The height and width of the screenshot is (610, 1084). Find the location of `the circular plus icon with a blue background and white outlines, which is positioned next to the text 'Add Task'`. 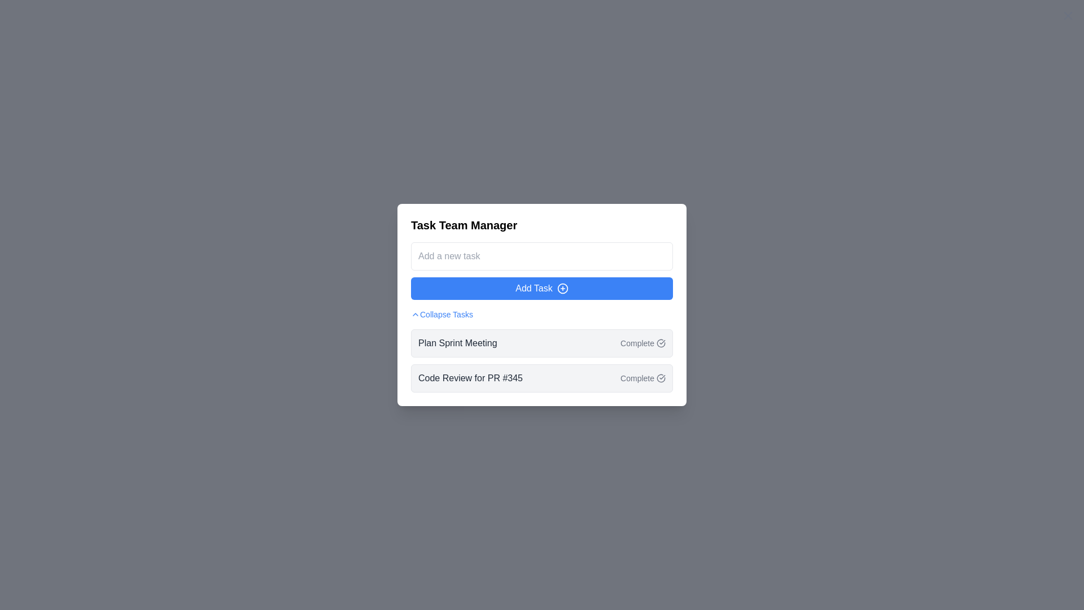

the circular plus icon with a blue background and white outlines, which is positioned next to the text 'Add Task' is located at coordinates (562, 287).